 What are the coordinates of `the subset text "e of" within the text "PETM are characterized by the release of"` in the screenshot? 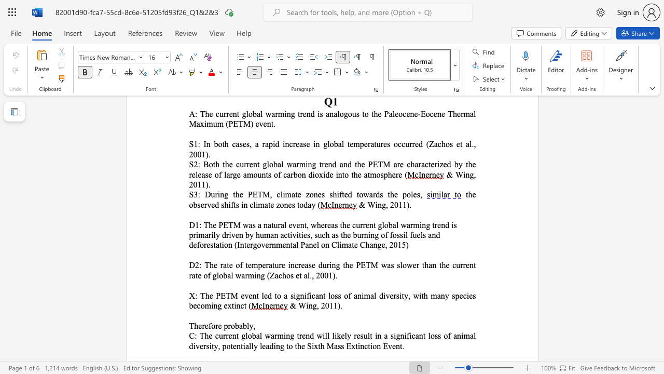 It's located at (208, 174).